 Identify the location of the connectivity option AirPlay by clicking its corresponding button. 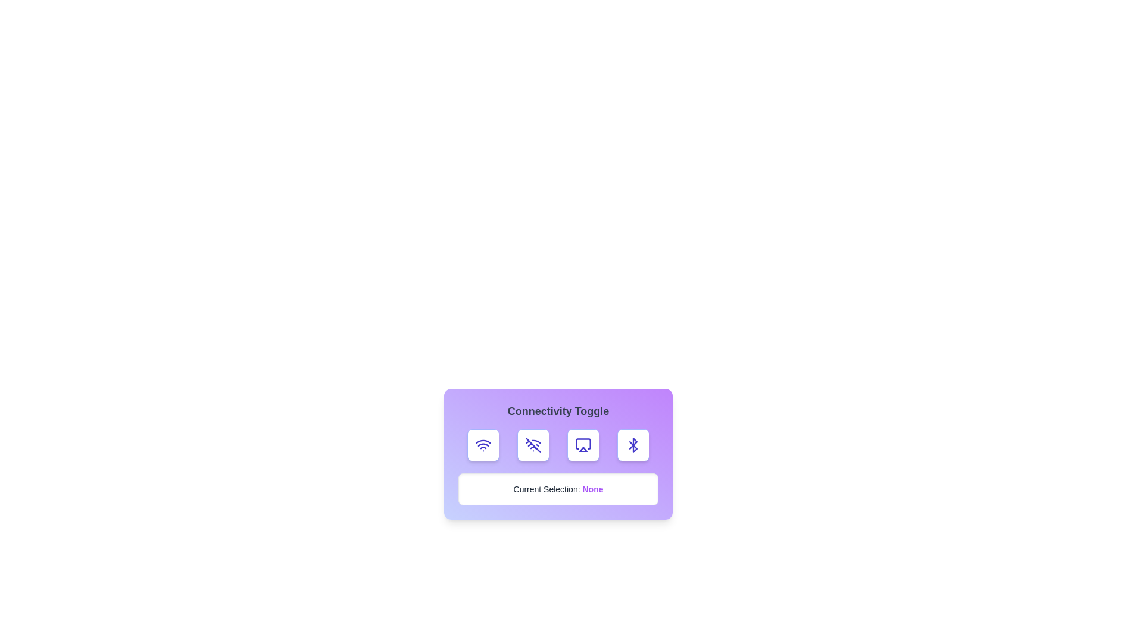
(583, 445).